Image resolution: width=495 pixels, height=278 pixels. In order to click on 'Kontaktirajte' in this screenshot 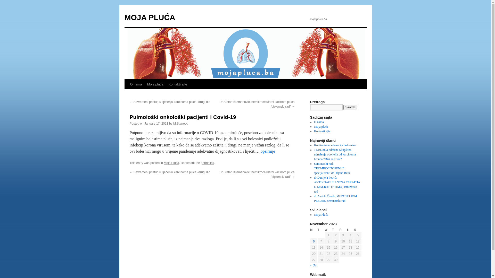, I will do `click(178, 84)`.